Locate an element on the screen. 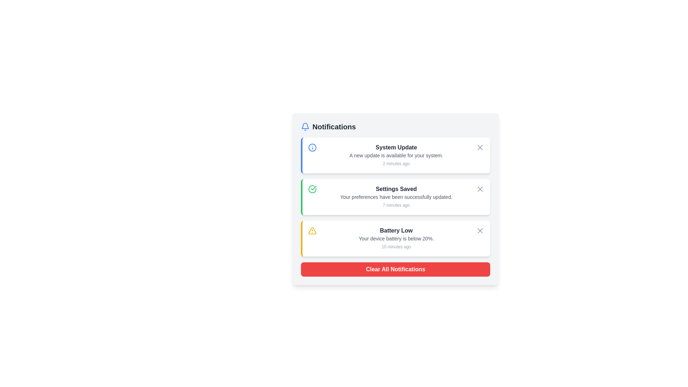 Image resolution: width=688 pixels, height=387 pixels. the first notification in the list of notifications is located at coordinates (396, 155).